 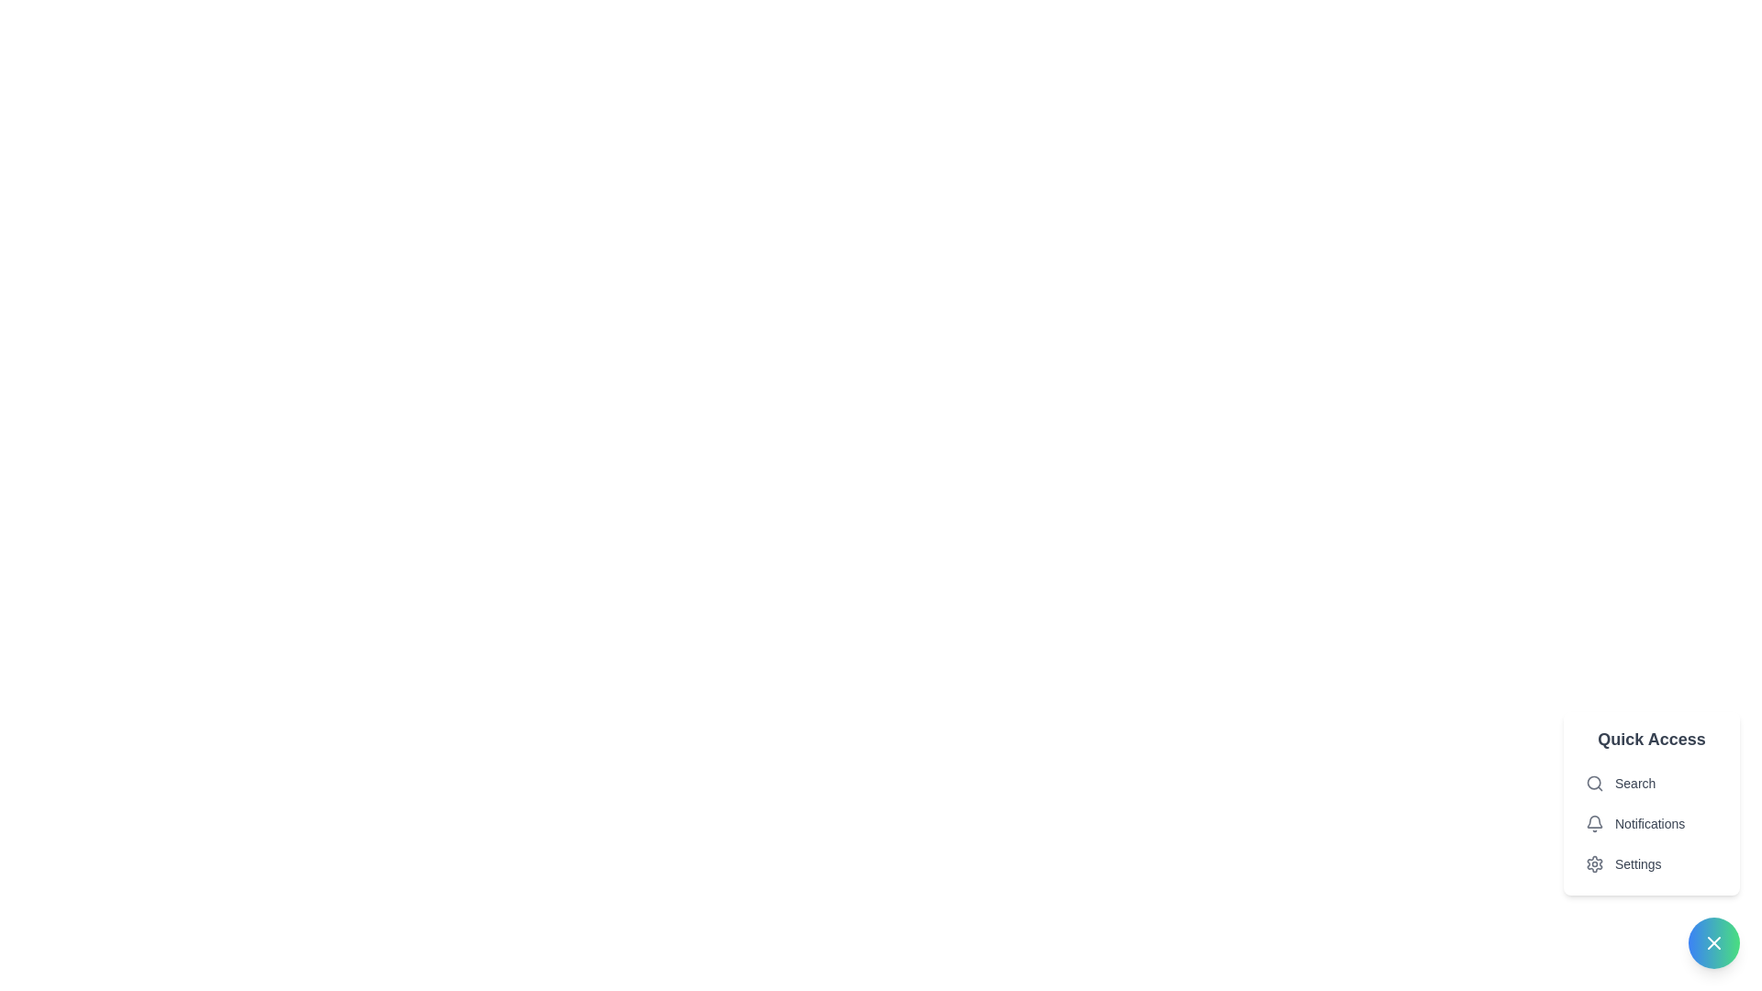 I want to click on the Popup Menu located in the bottom-right corner of the interface, which provides shortcuts for searching, viewing notifications, and accessing settings, so click(x=1652, y=802).